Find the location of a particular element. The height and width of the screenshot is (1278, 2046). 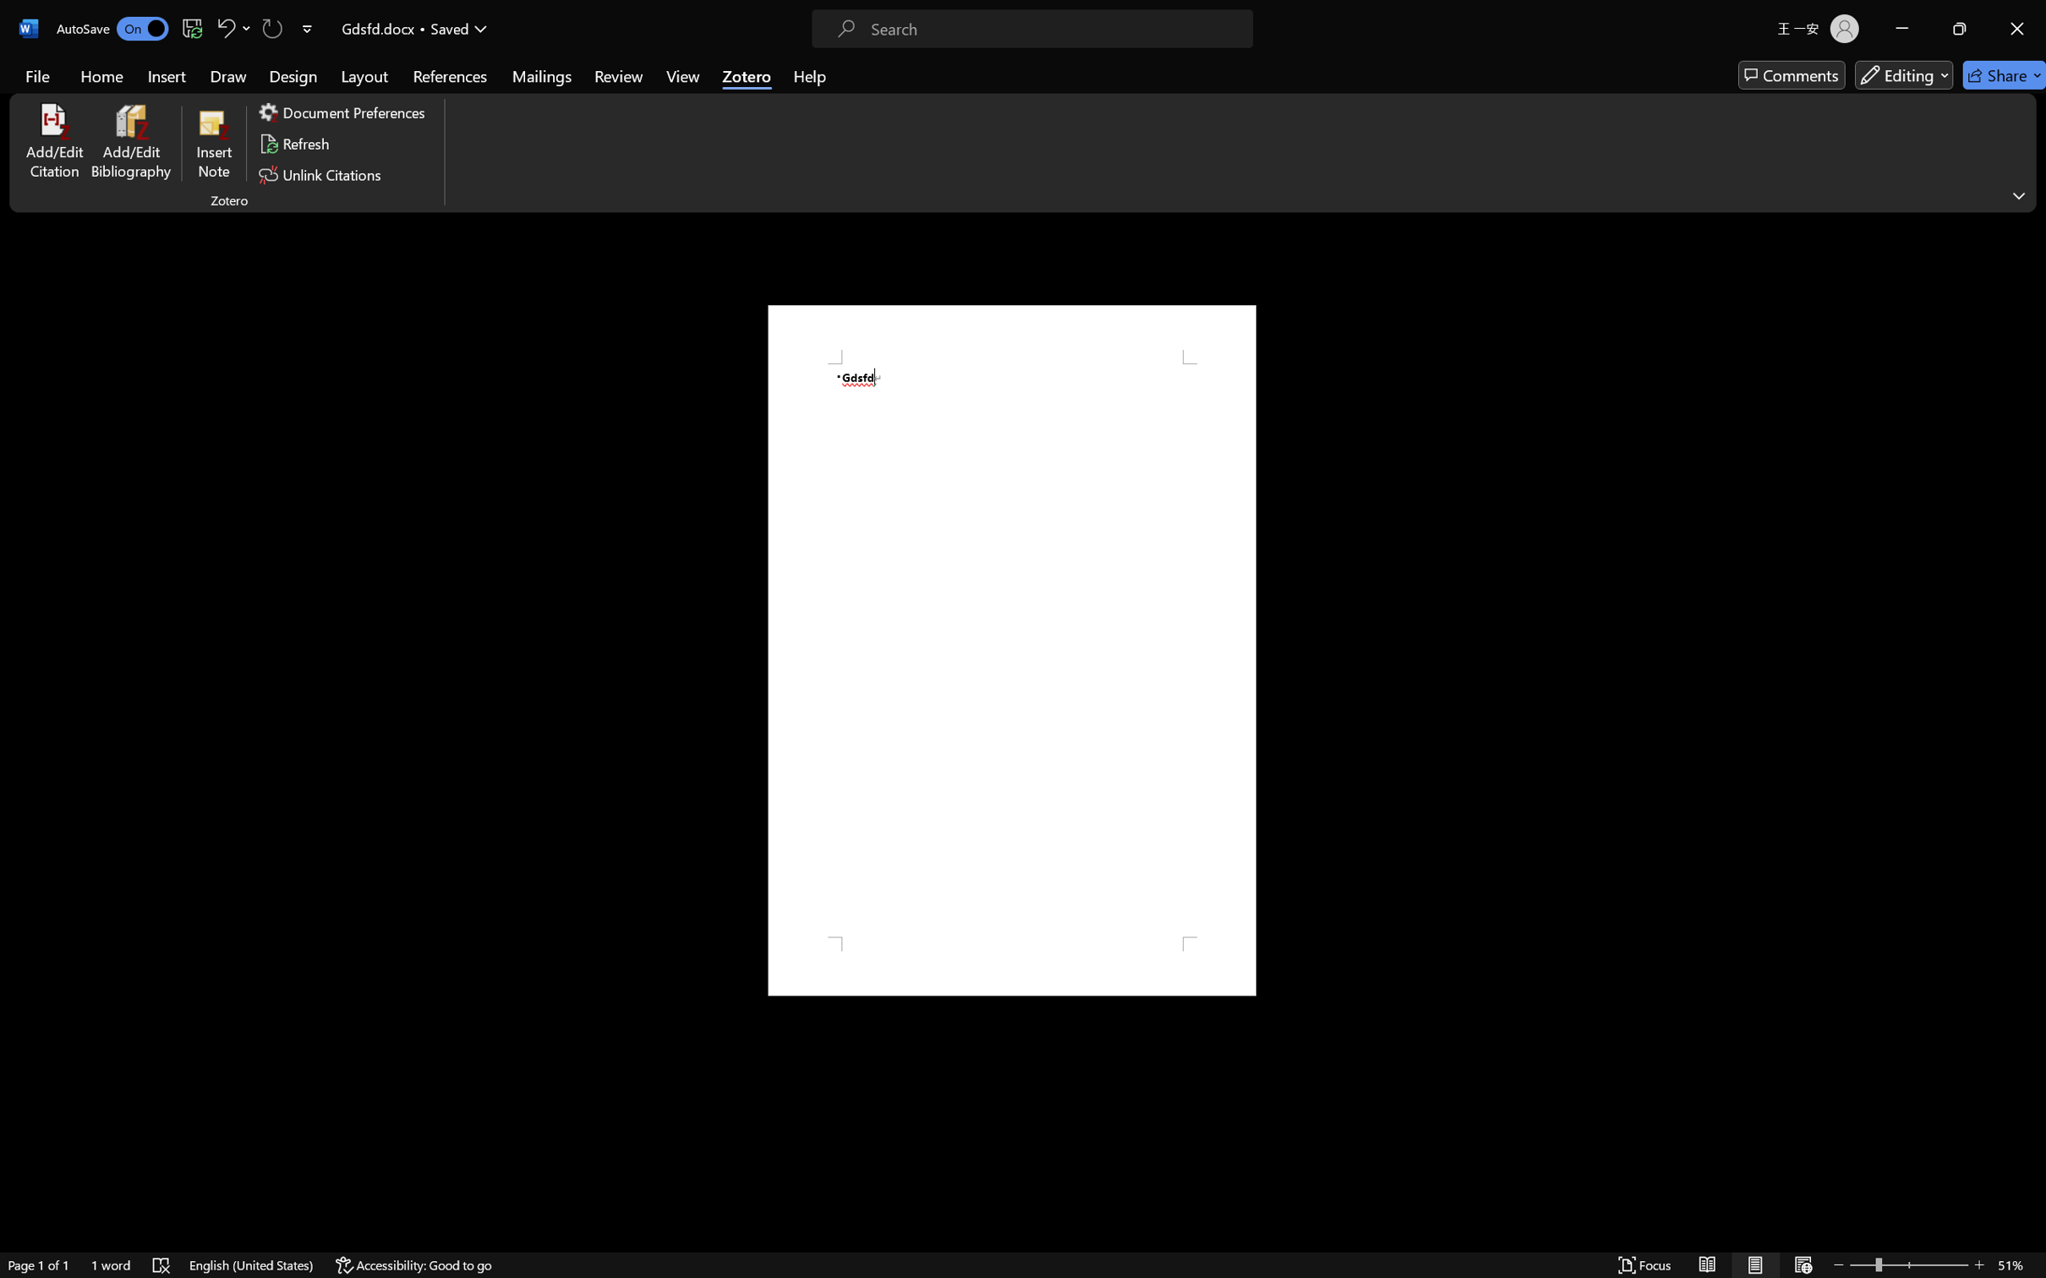

'Page 1 content' is located at coordinates (1011, 650).